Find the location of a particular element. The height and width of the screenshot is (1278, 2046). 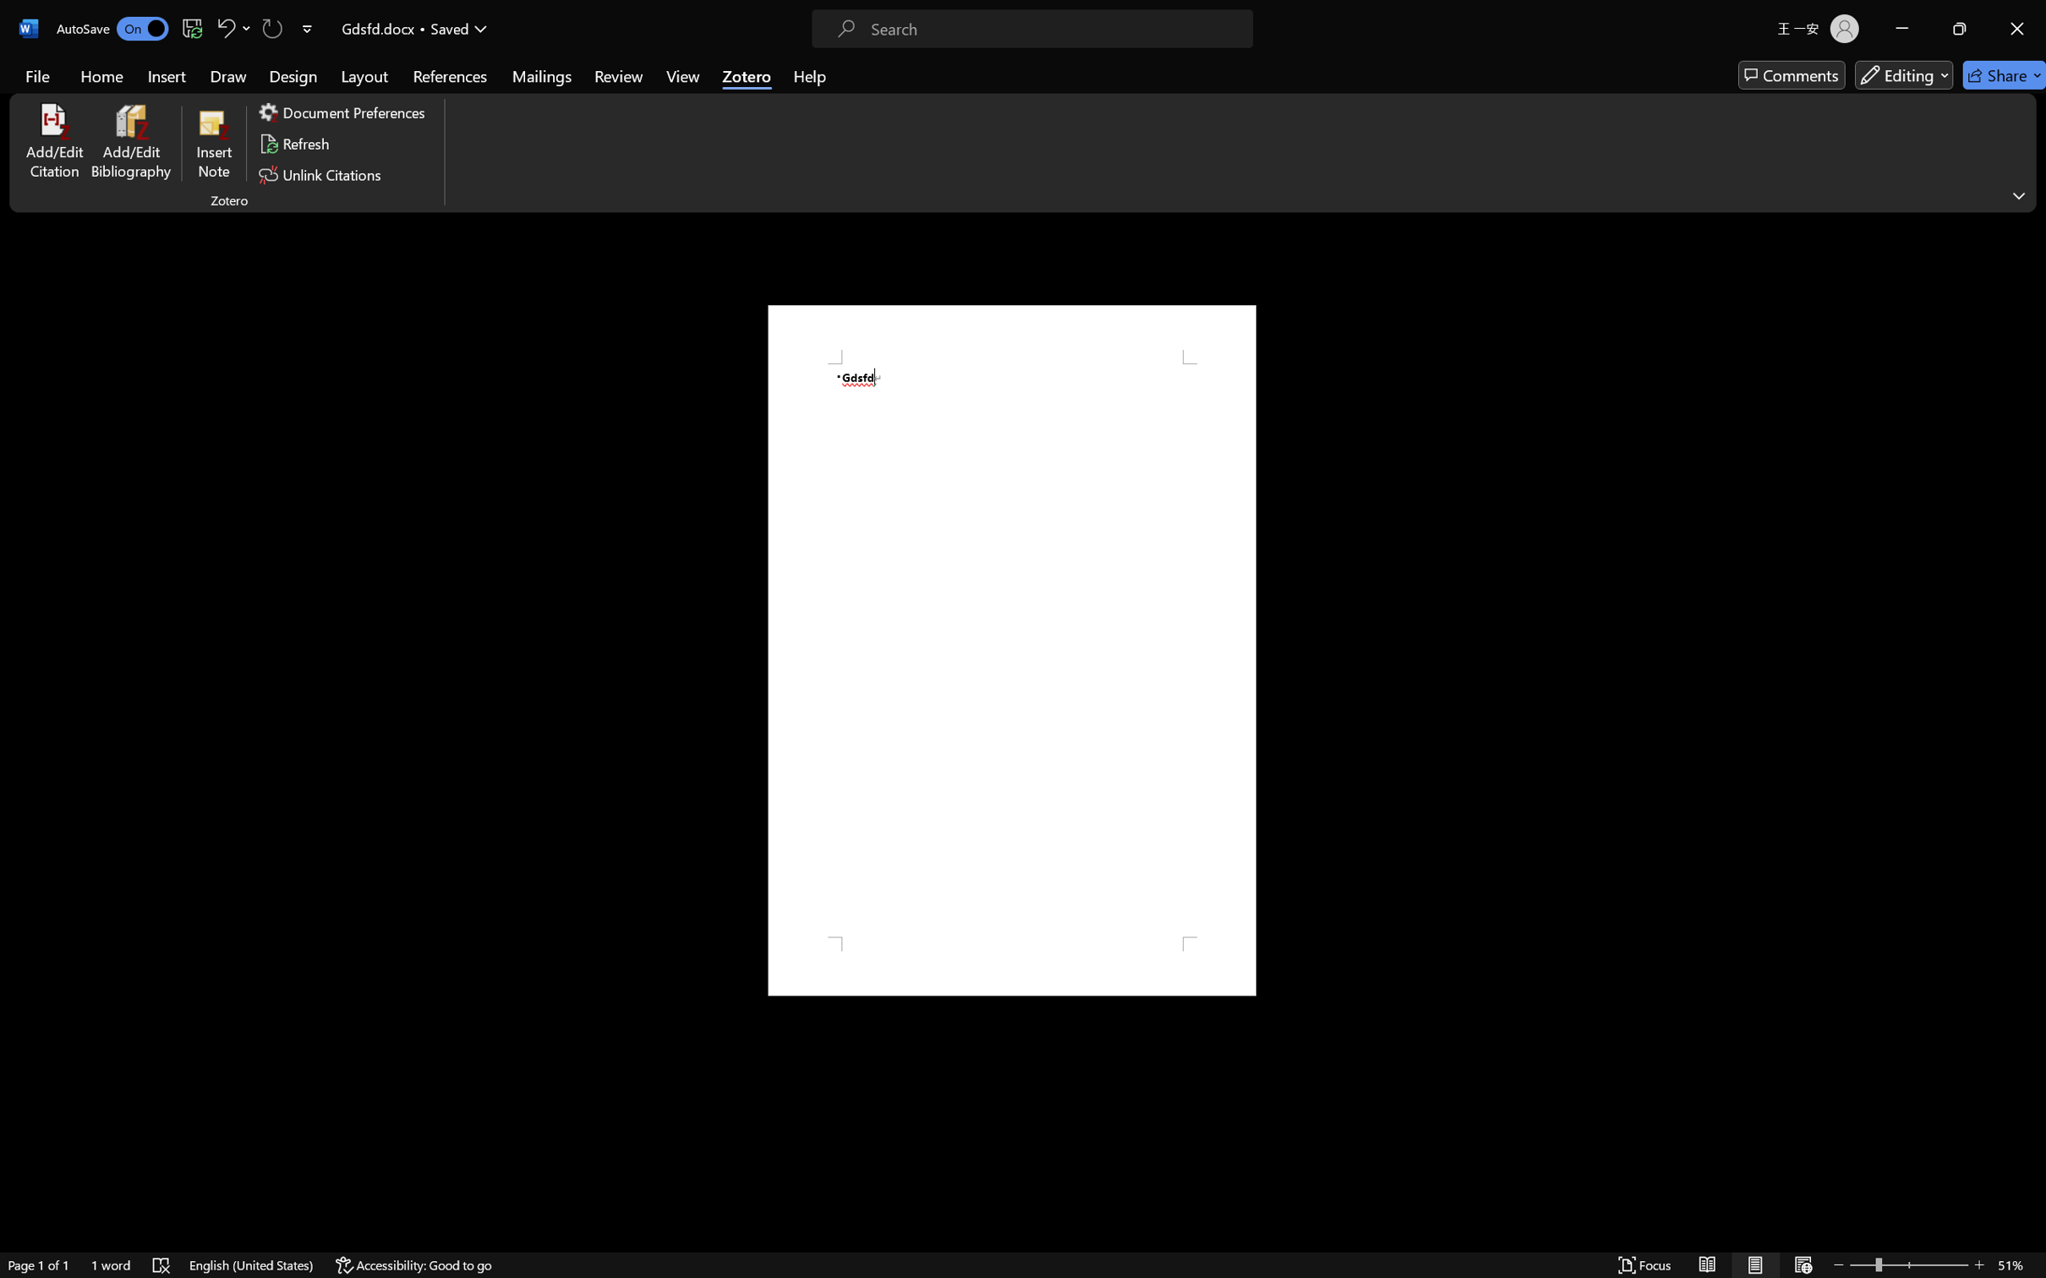

'Page 1 content' is located at coordinates (1011, 650).